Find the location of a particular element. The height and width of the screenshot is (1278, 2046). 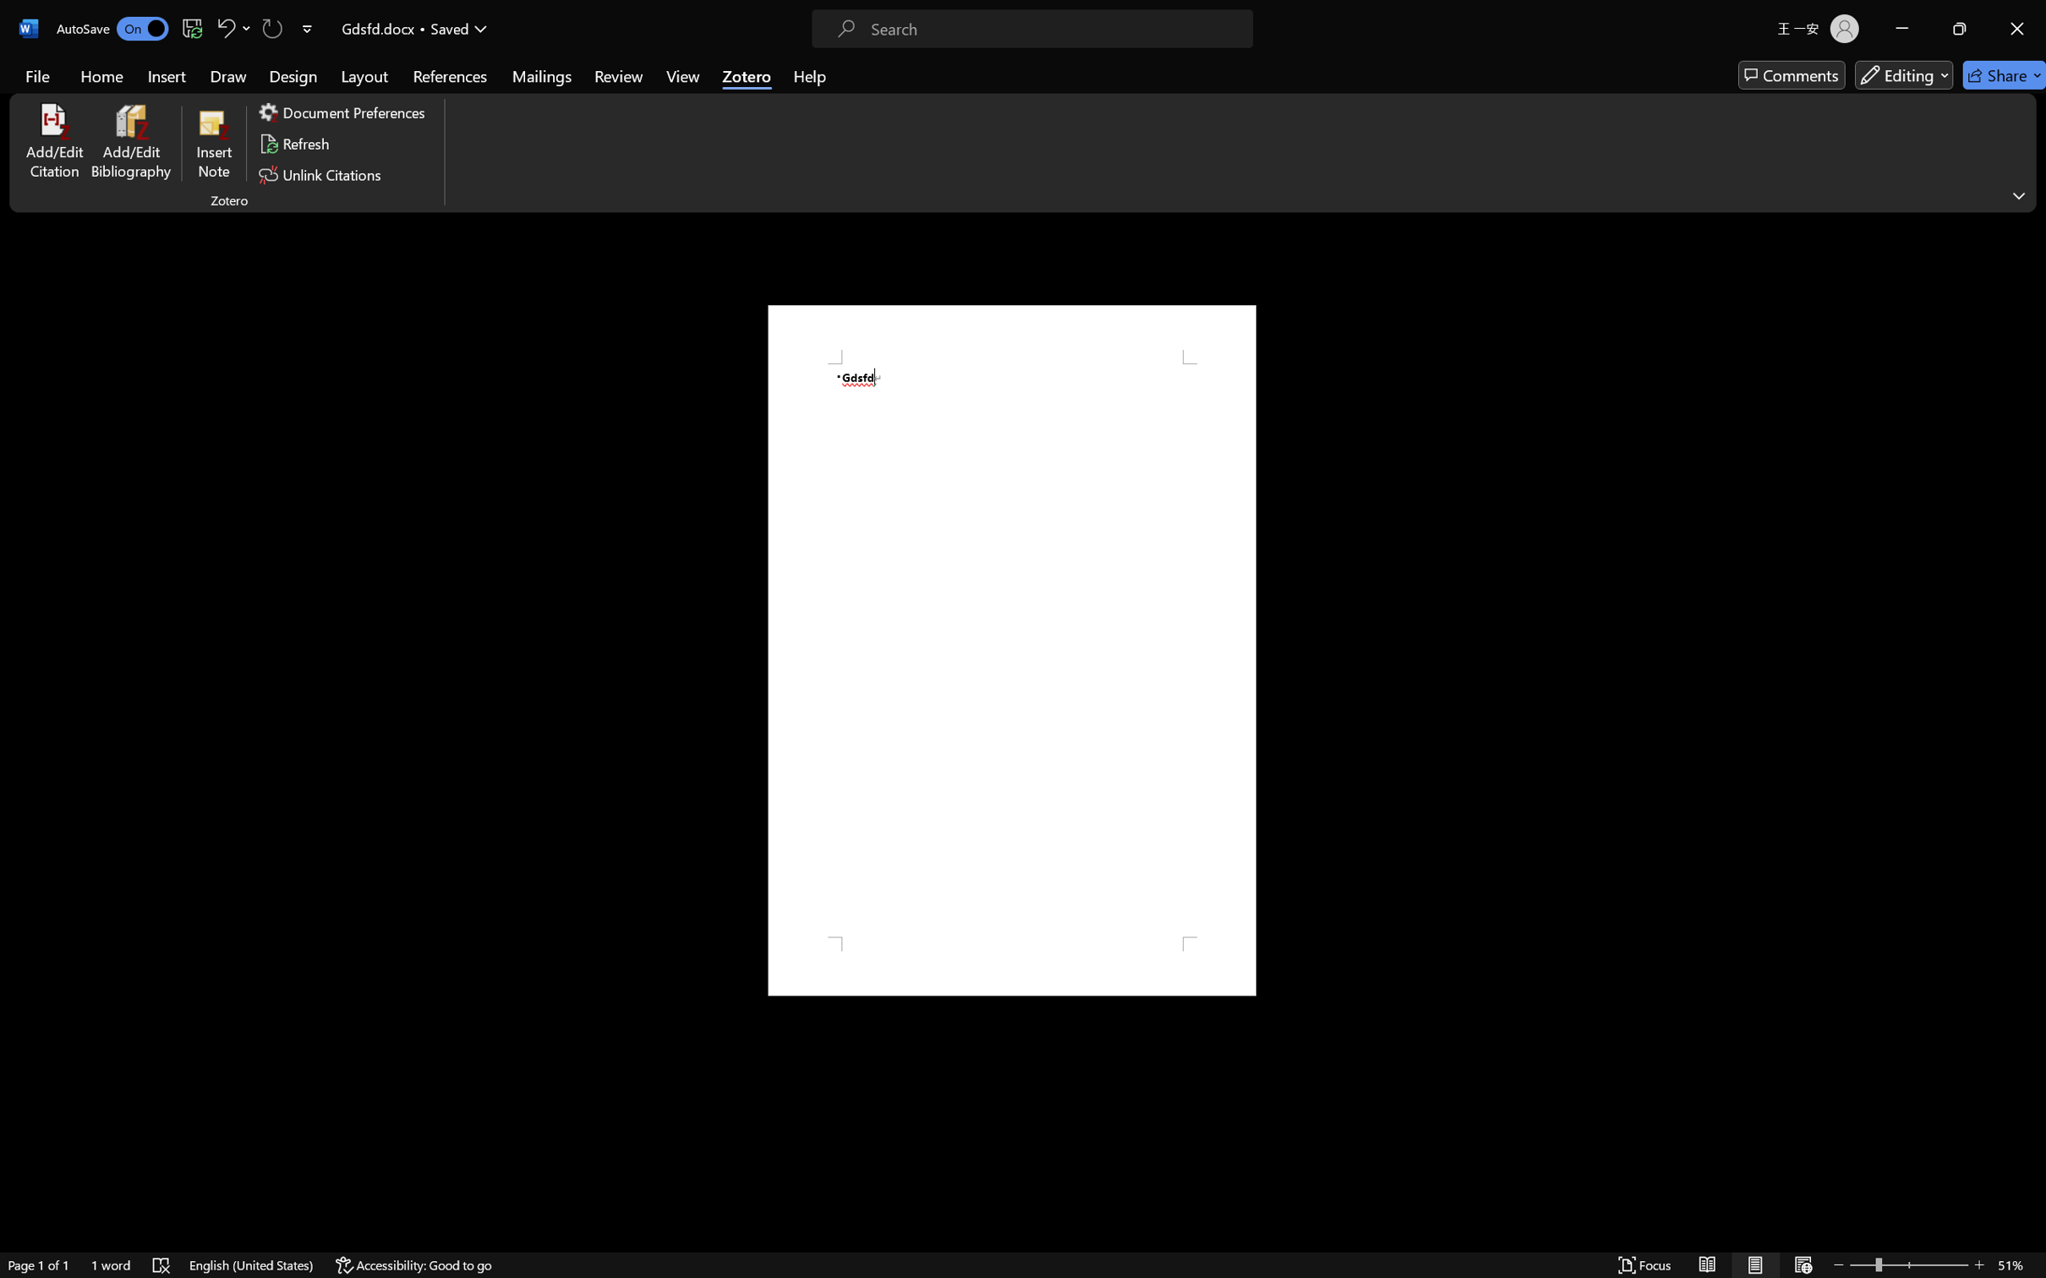

'Page 1 content' is located at coordinates (1011, 650).